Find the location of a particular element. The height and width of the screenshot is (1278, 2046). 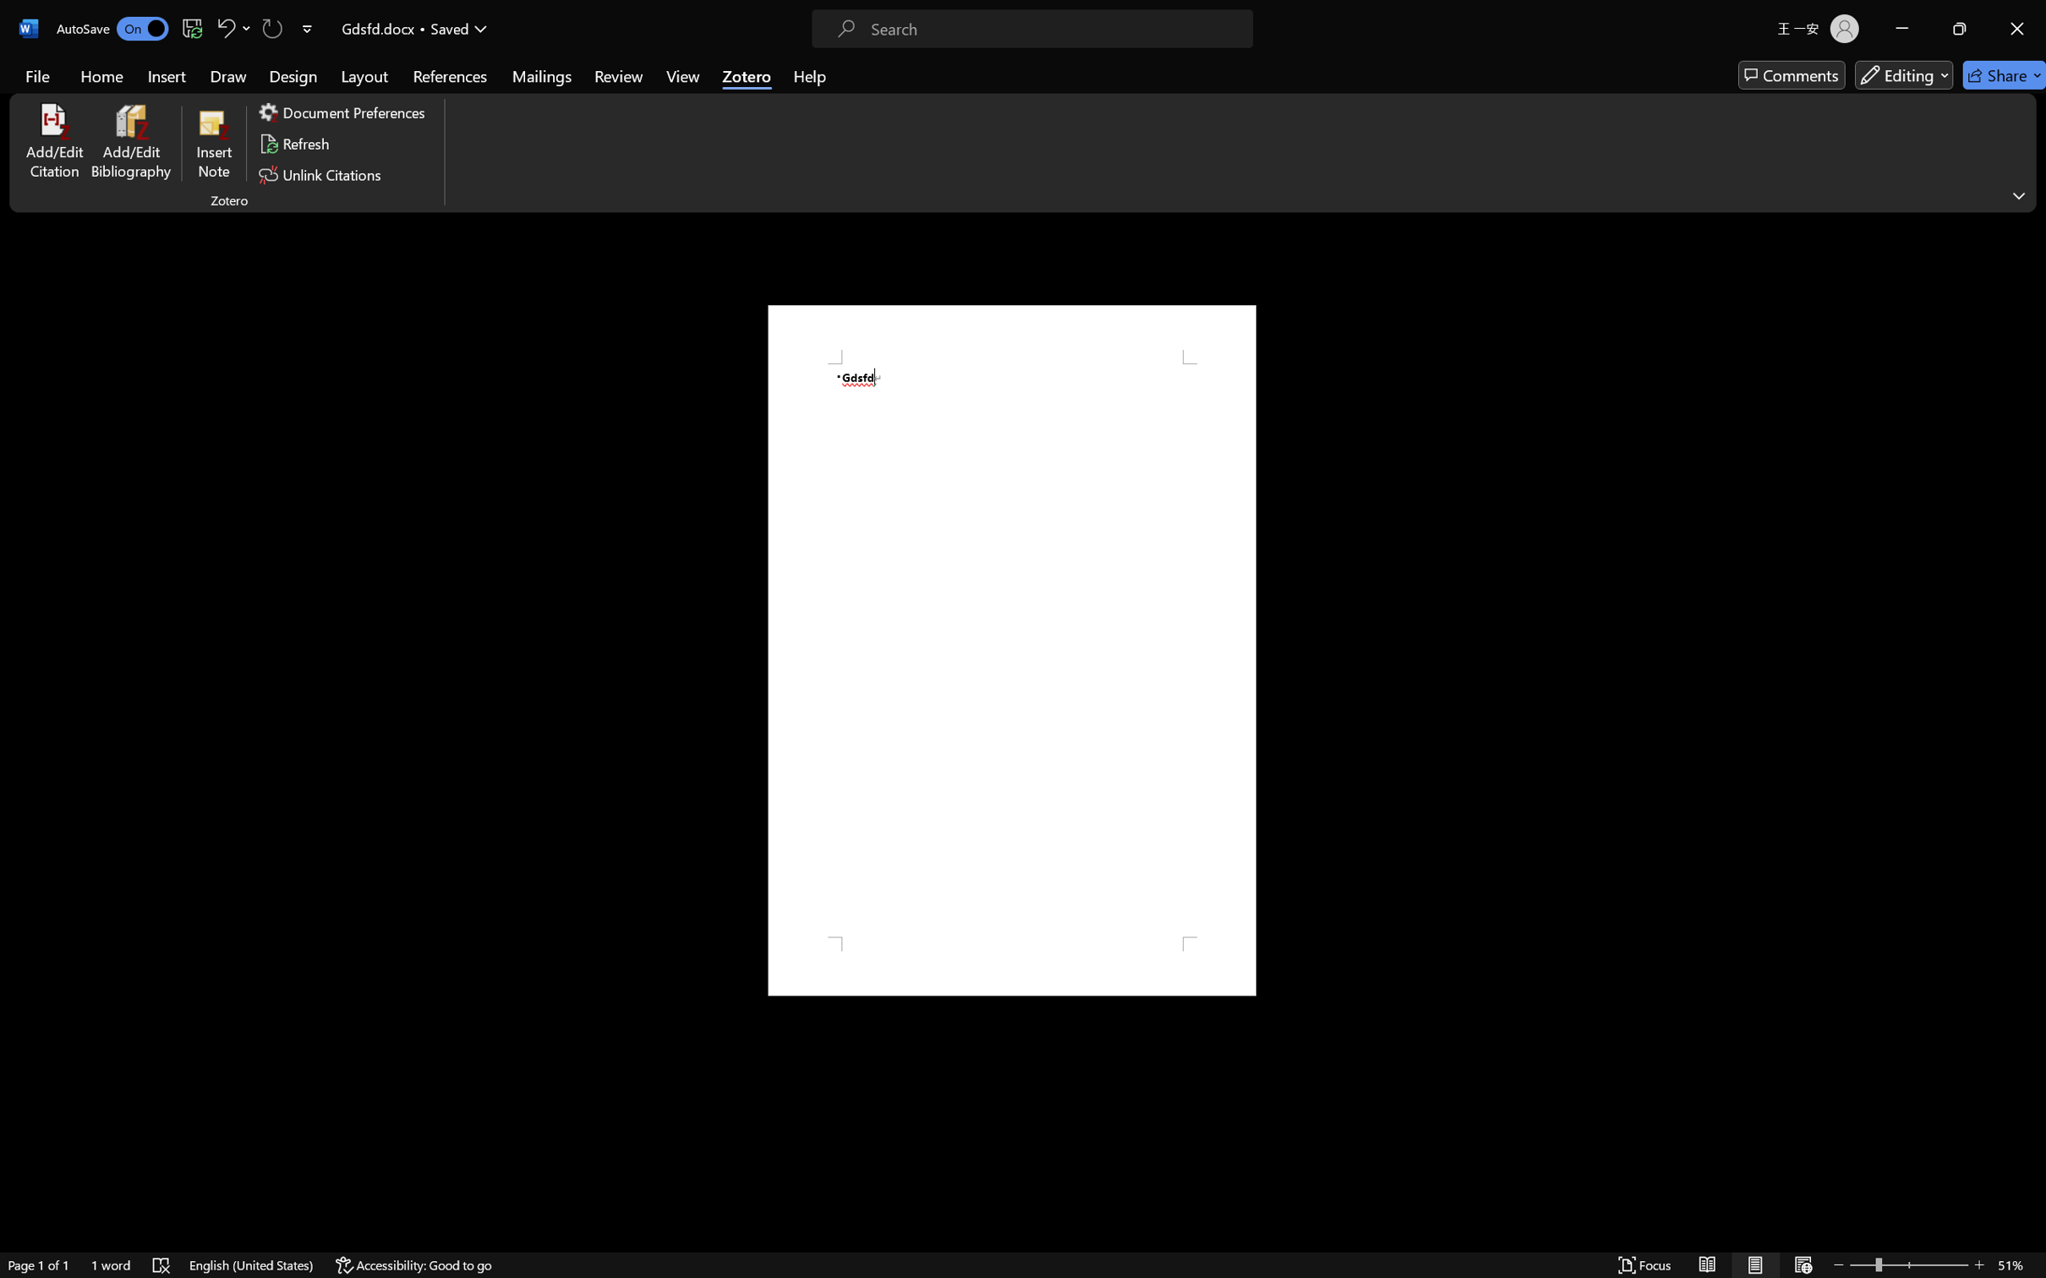

'Page 1 content' is located at coordinates (1011, 650).